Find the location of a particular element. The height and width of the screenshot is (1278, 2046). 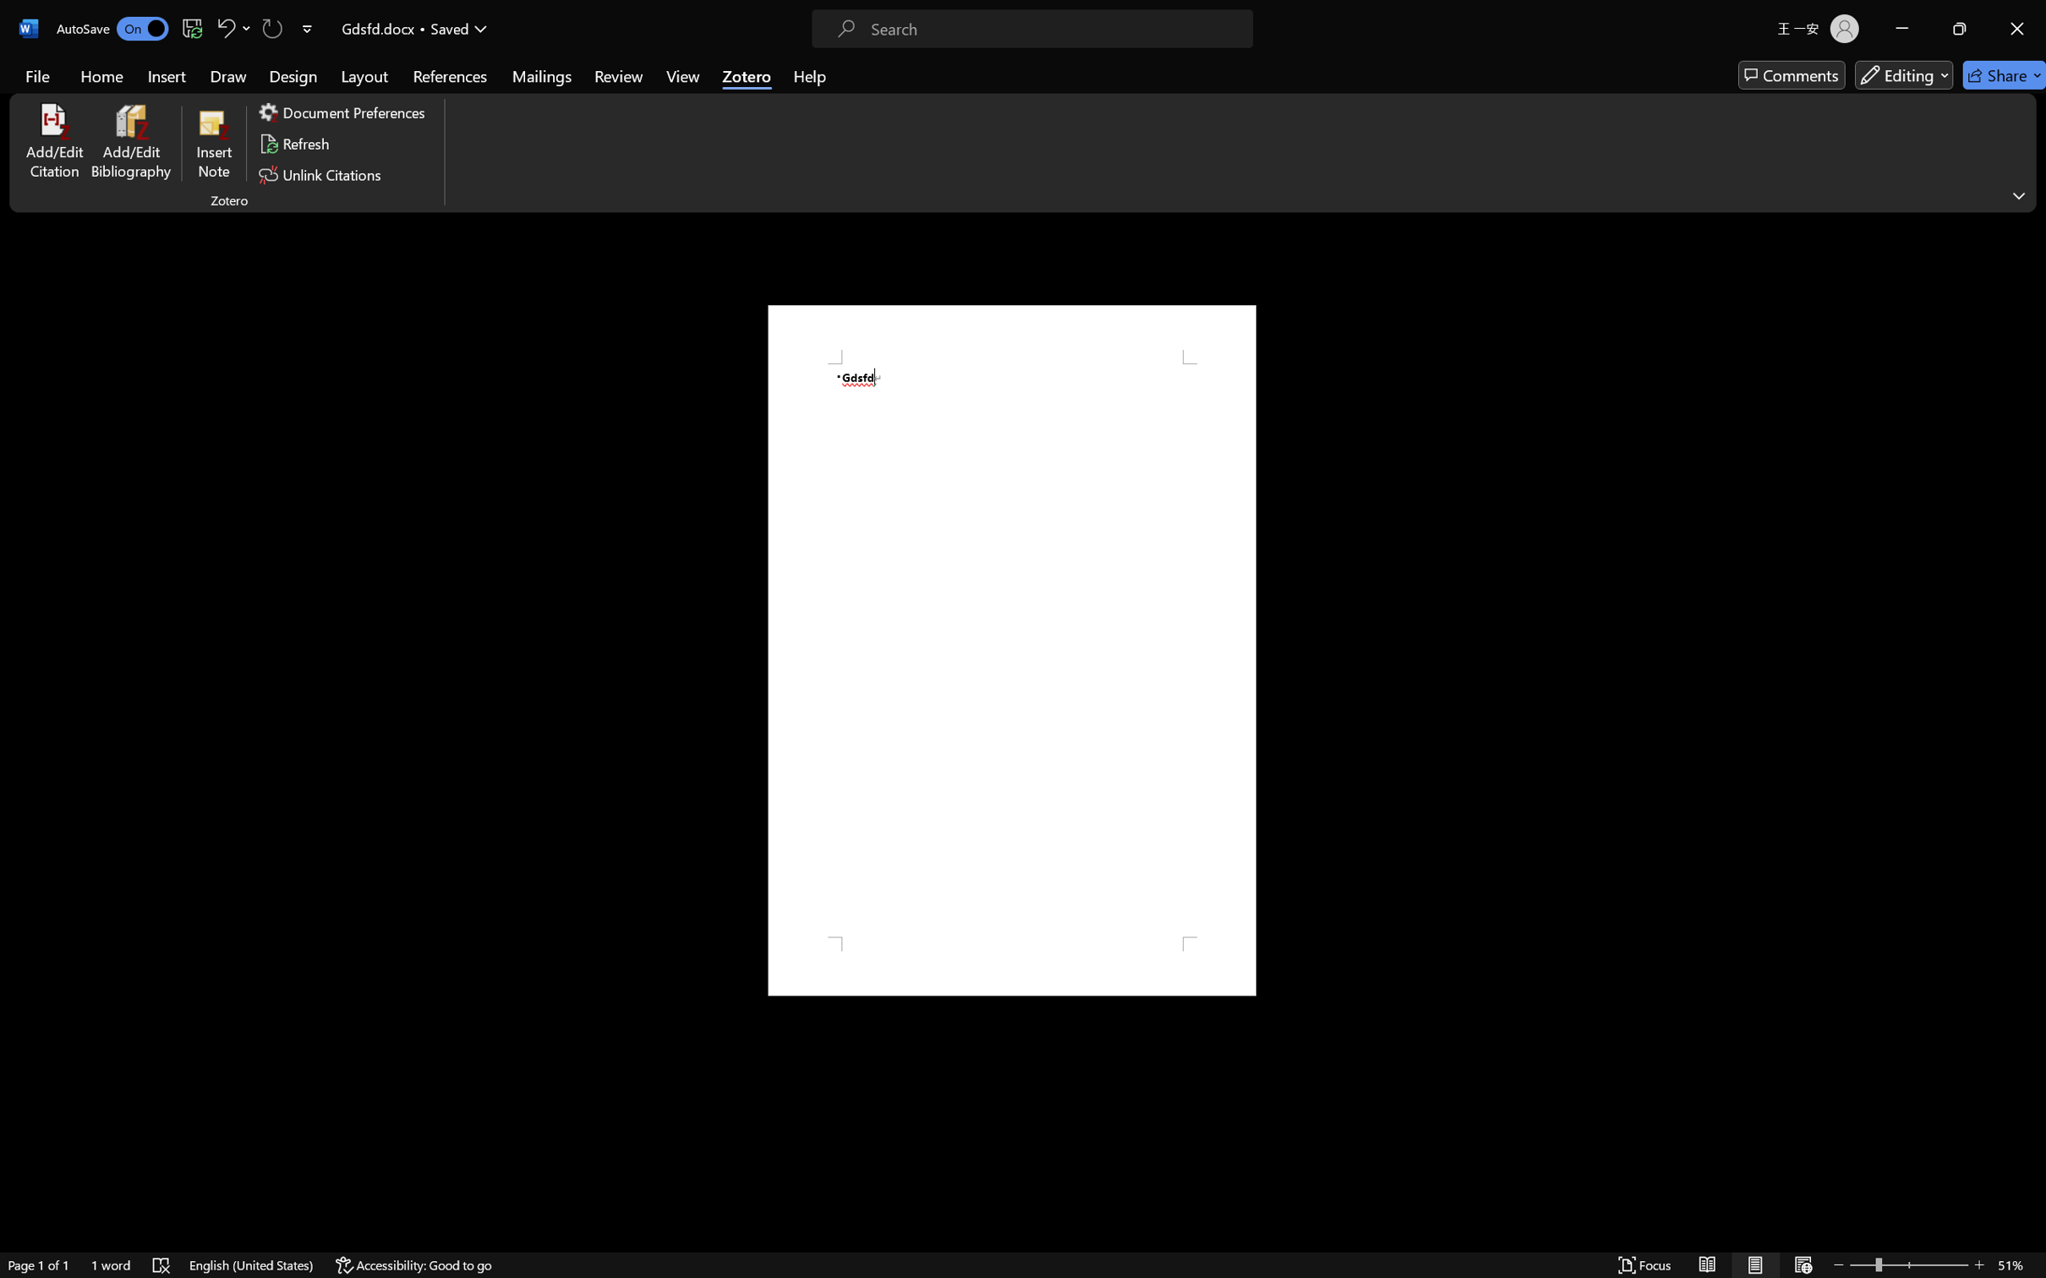

'Page 1 content' is located at coordinates (1011, 650).